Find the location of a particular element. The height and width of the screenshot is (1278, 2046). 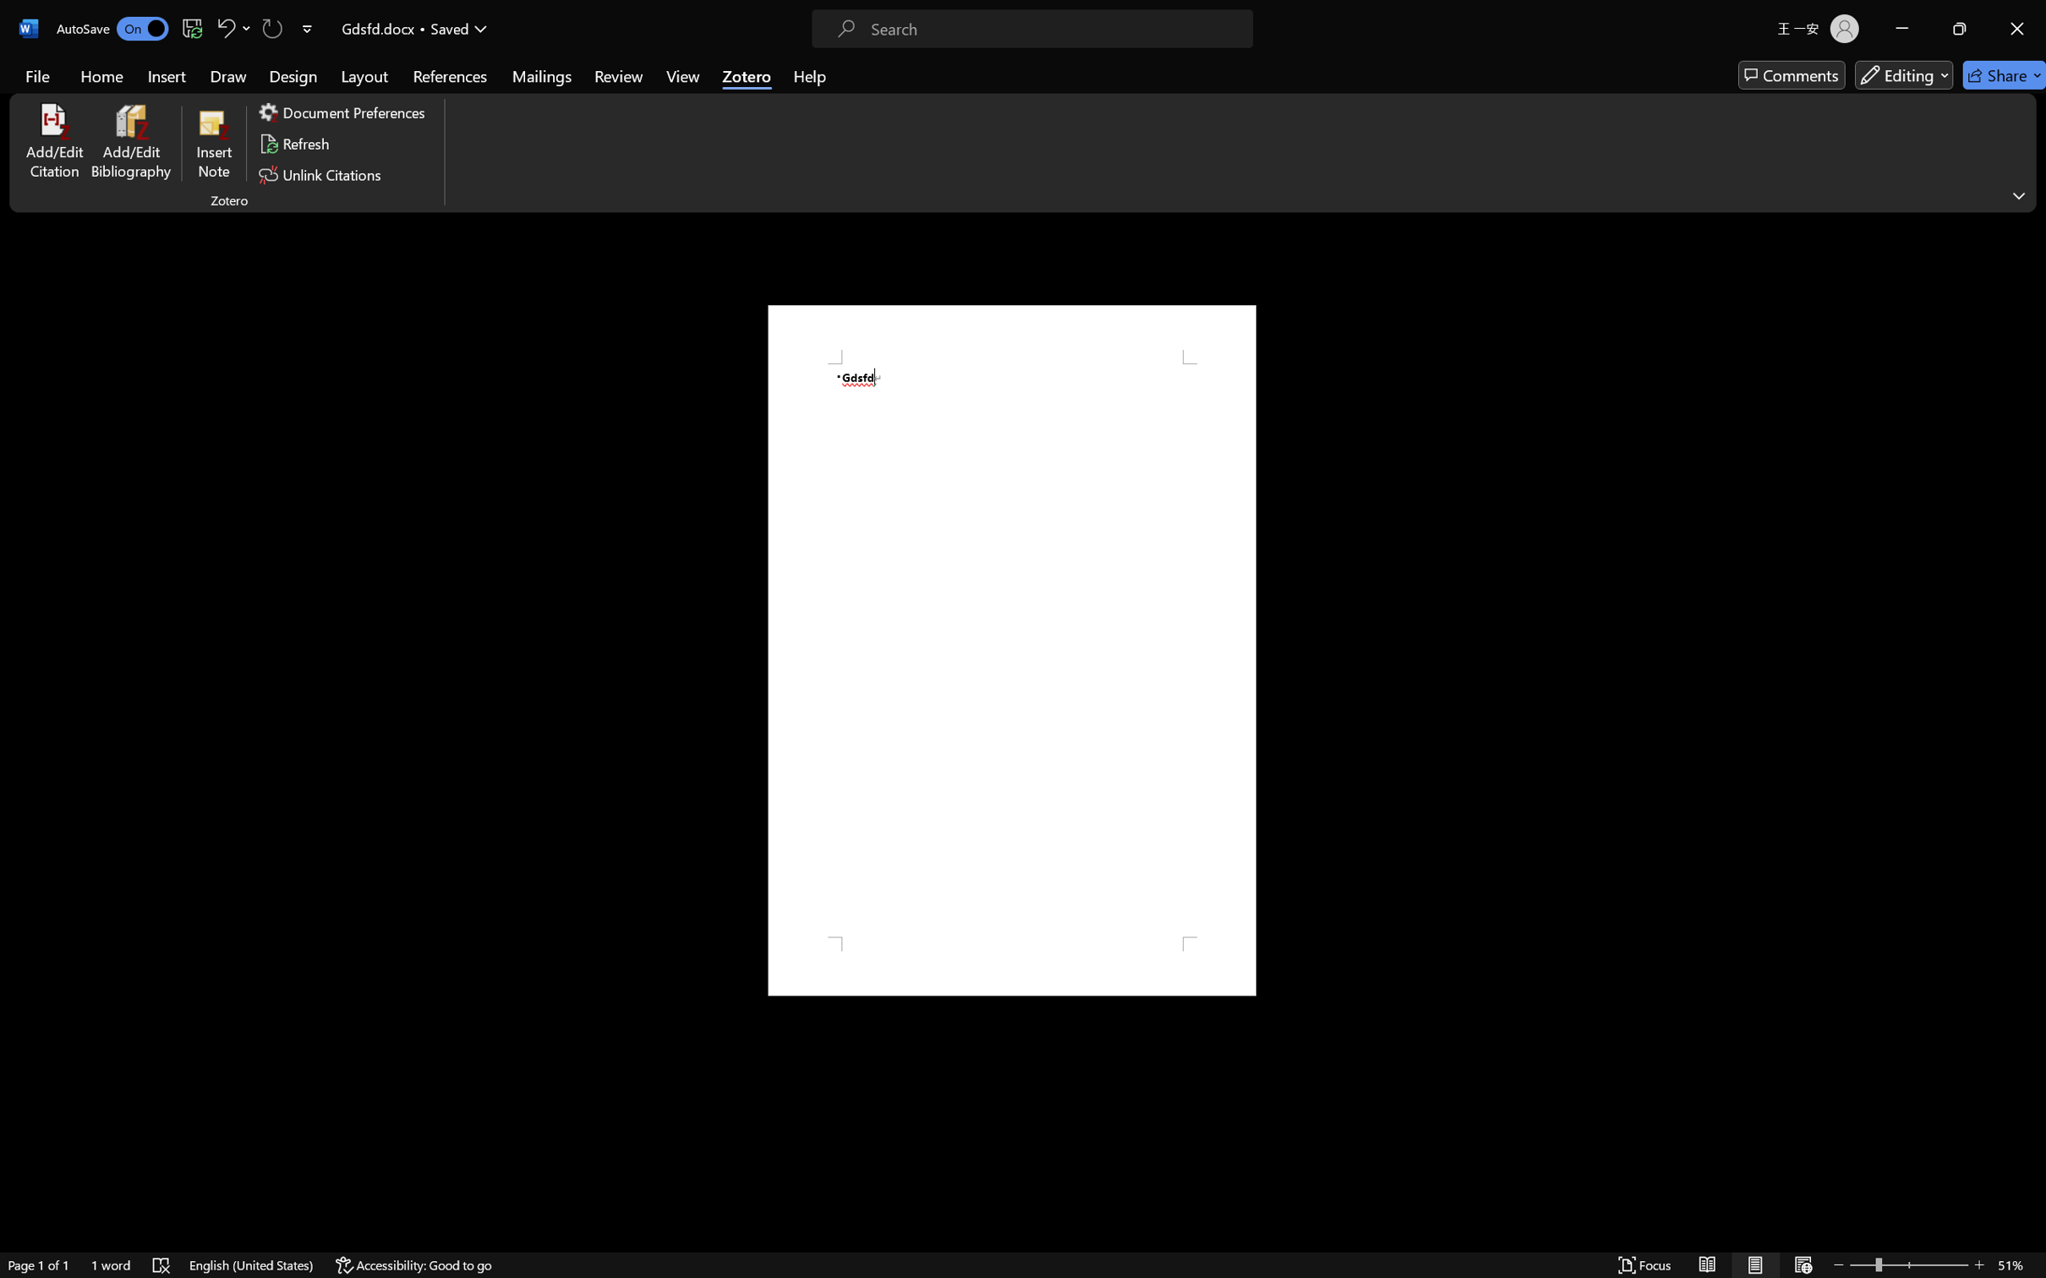

'Page 1 content' is located at coordinates (1011, 650).